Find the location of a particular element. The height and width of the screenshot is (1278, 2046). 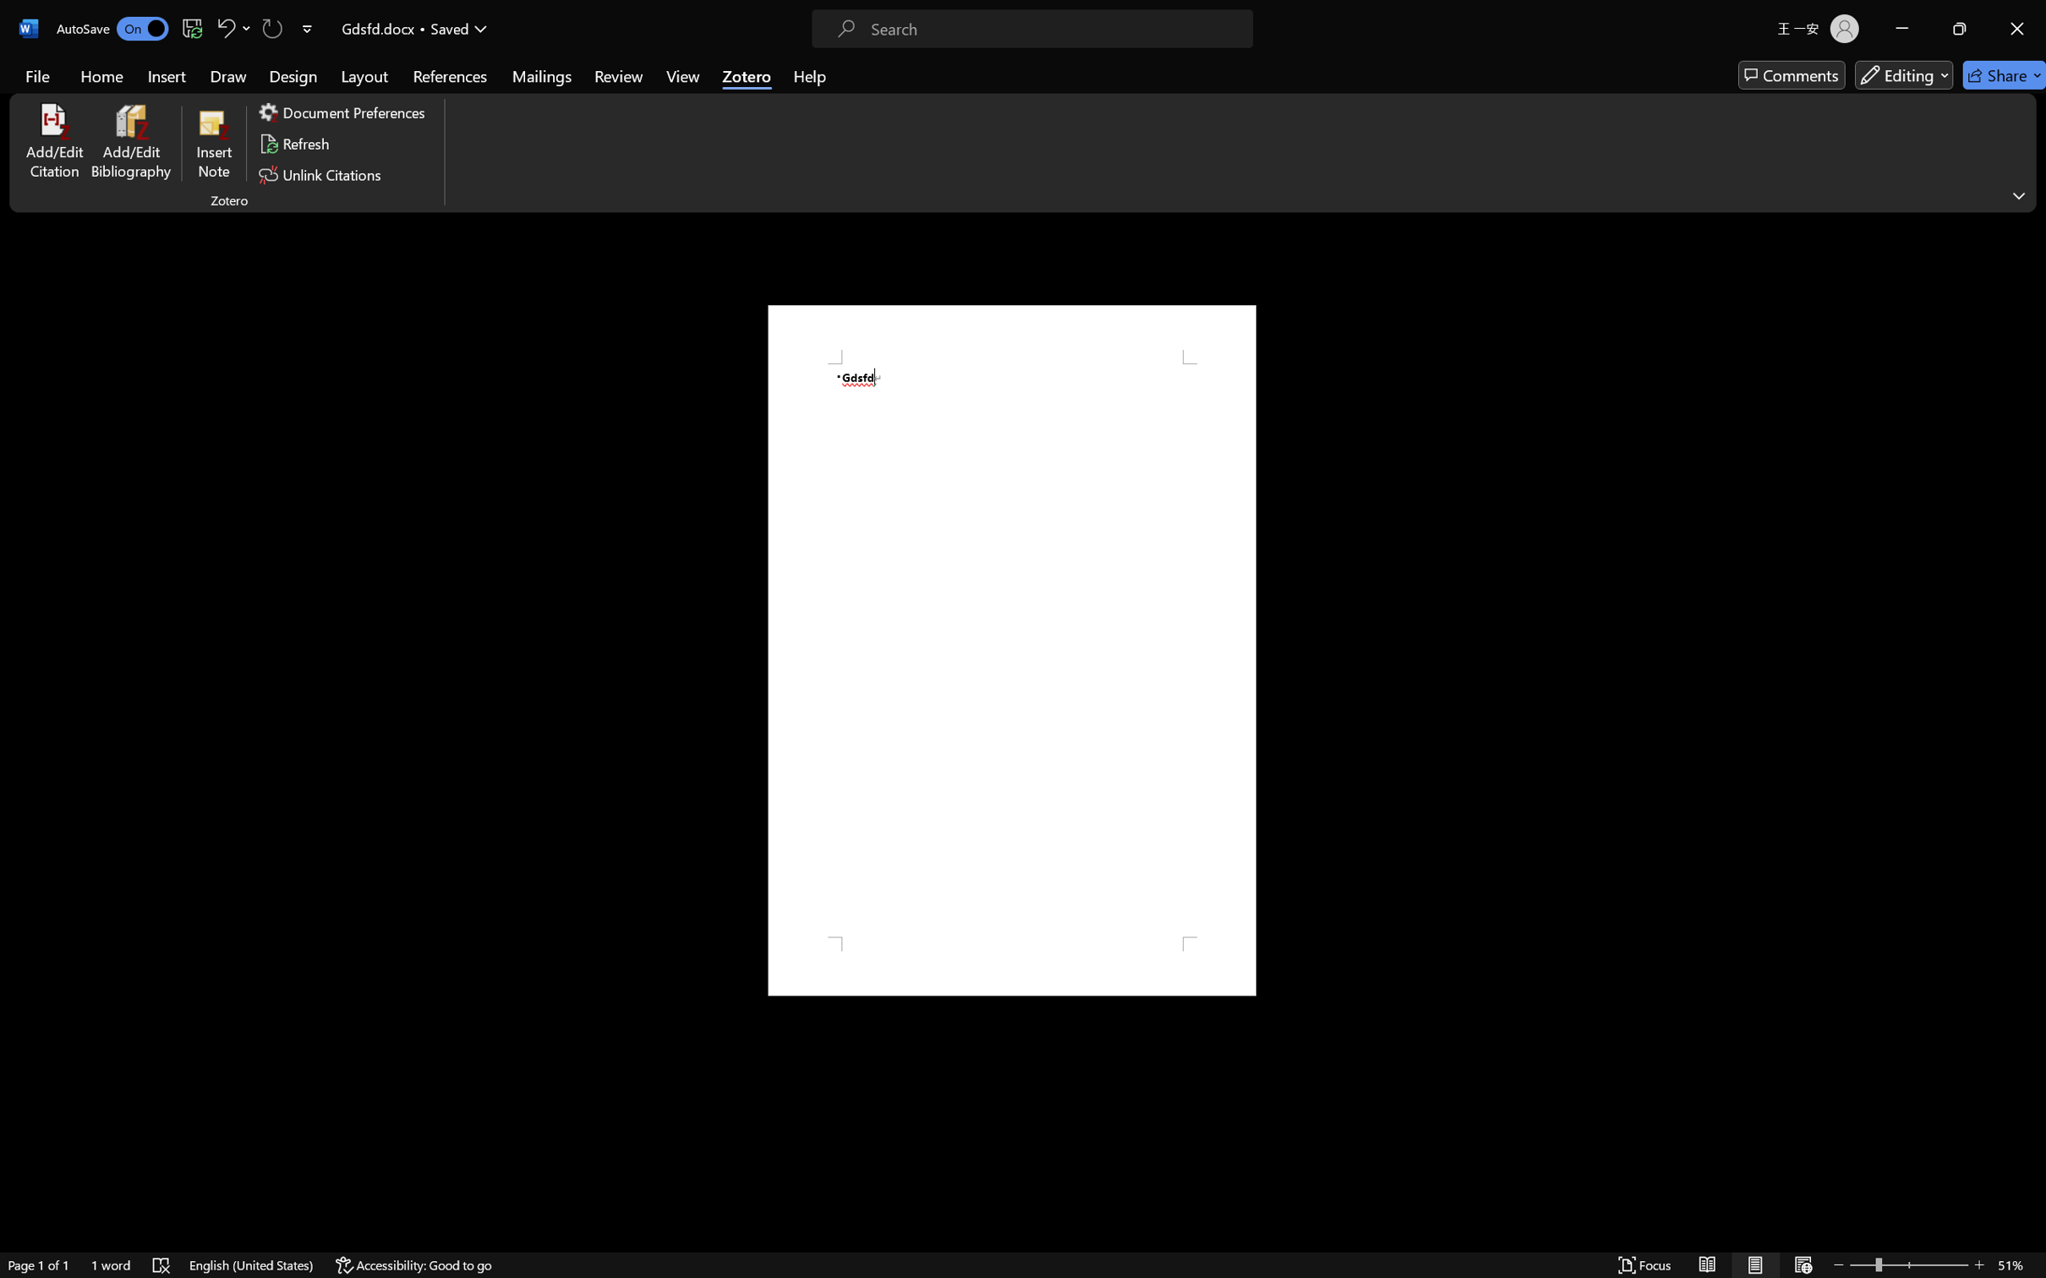

'Page 1 content' is located at coordinates (1011, 650).